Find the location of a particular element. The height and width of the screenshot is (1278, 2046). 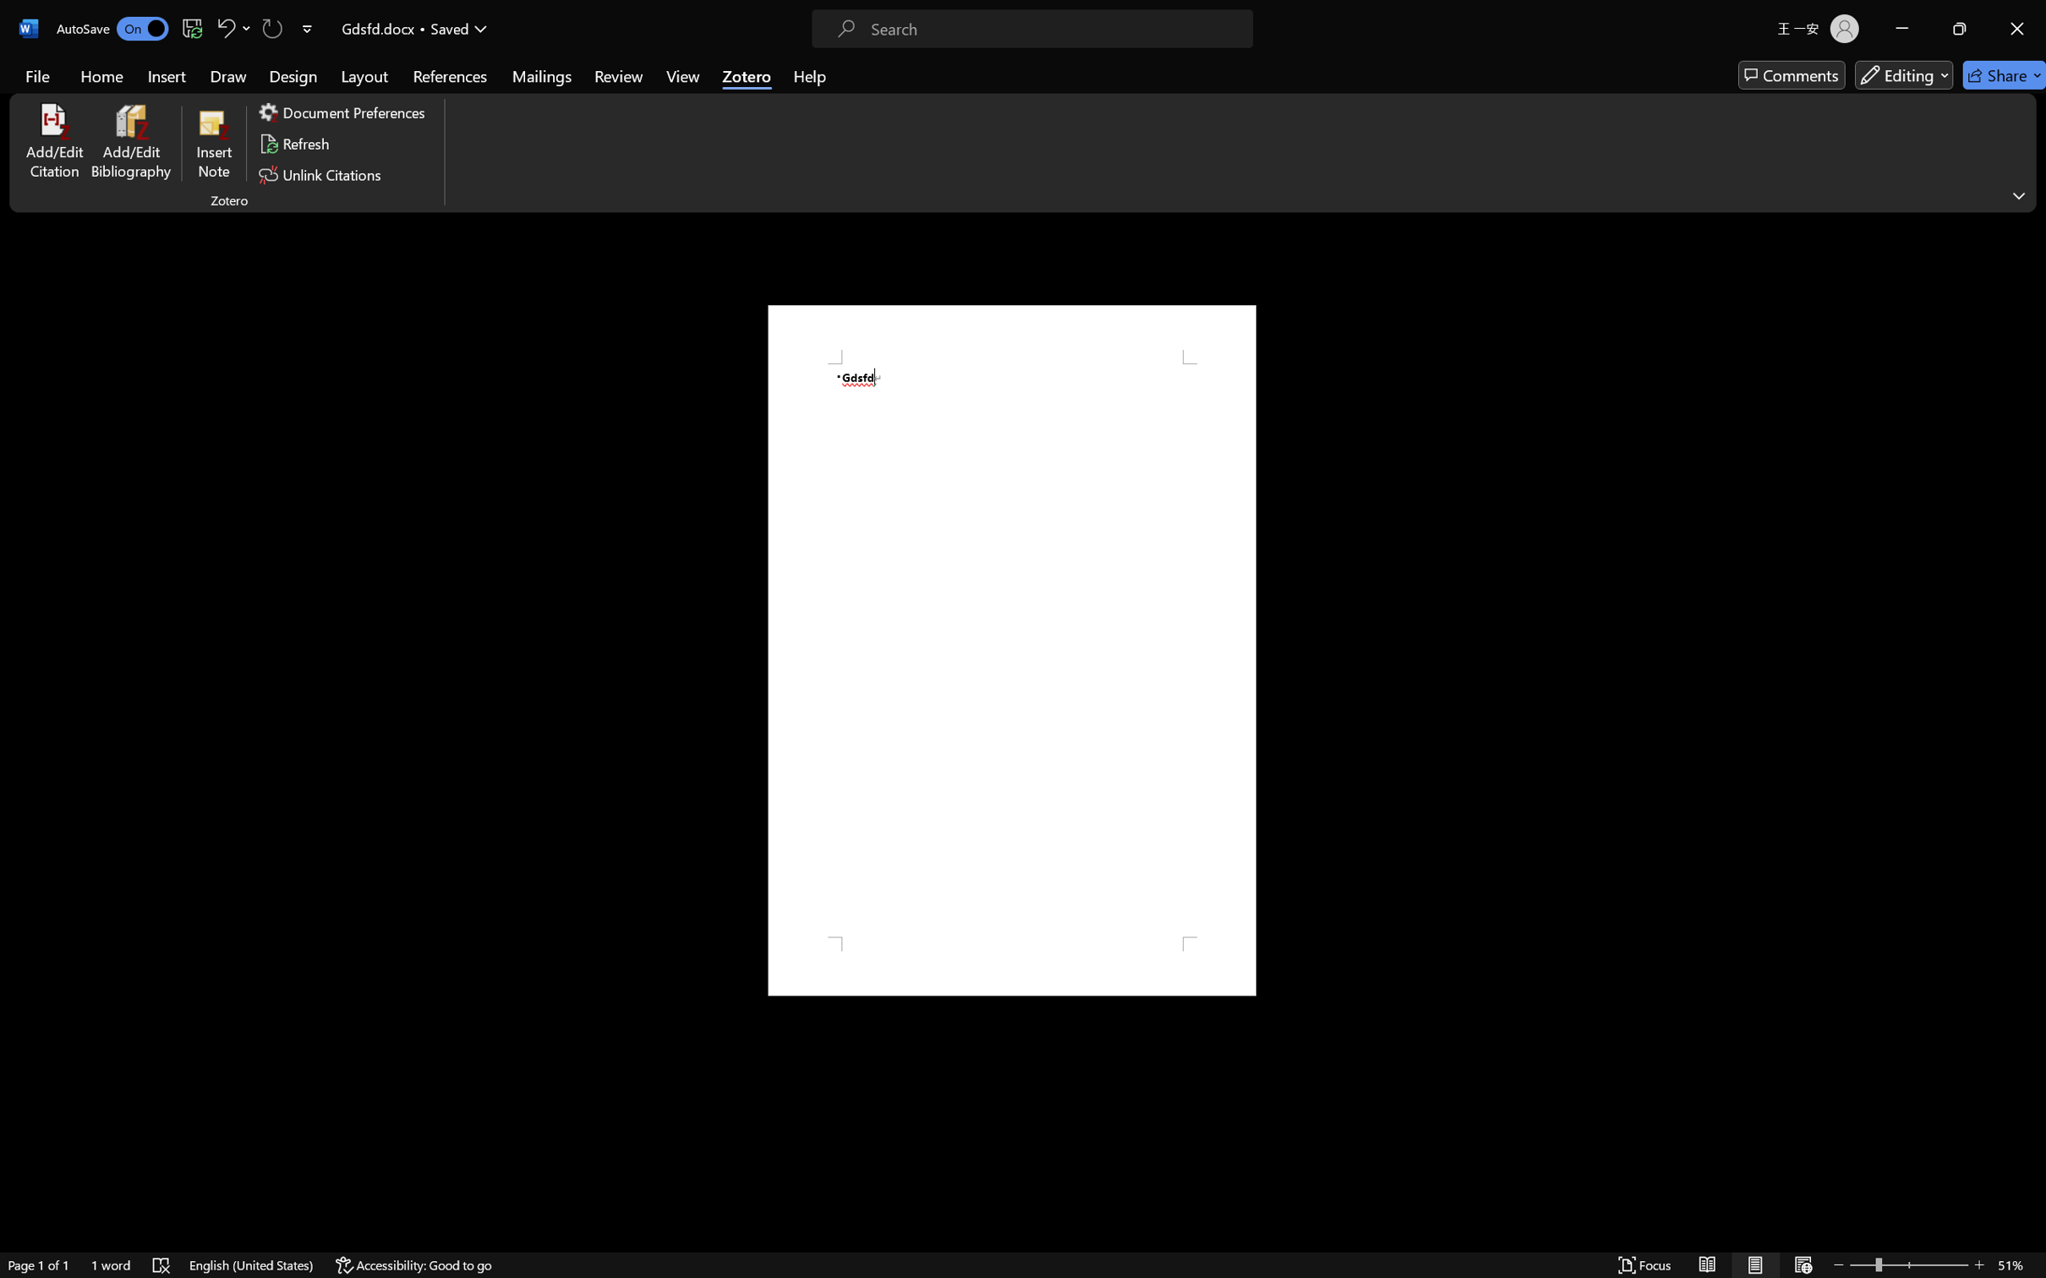

'Page 1 content' is located at coordinates (1011, 650).